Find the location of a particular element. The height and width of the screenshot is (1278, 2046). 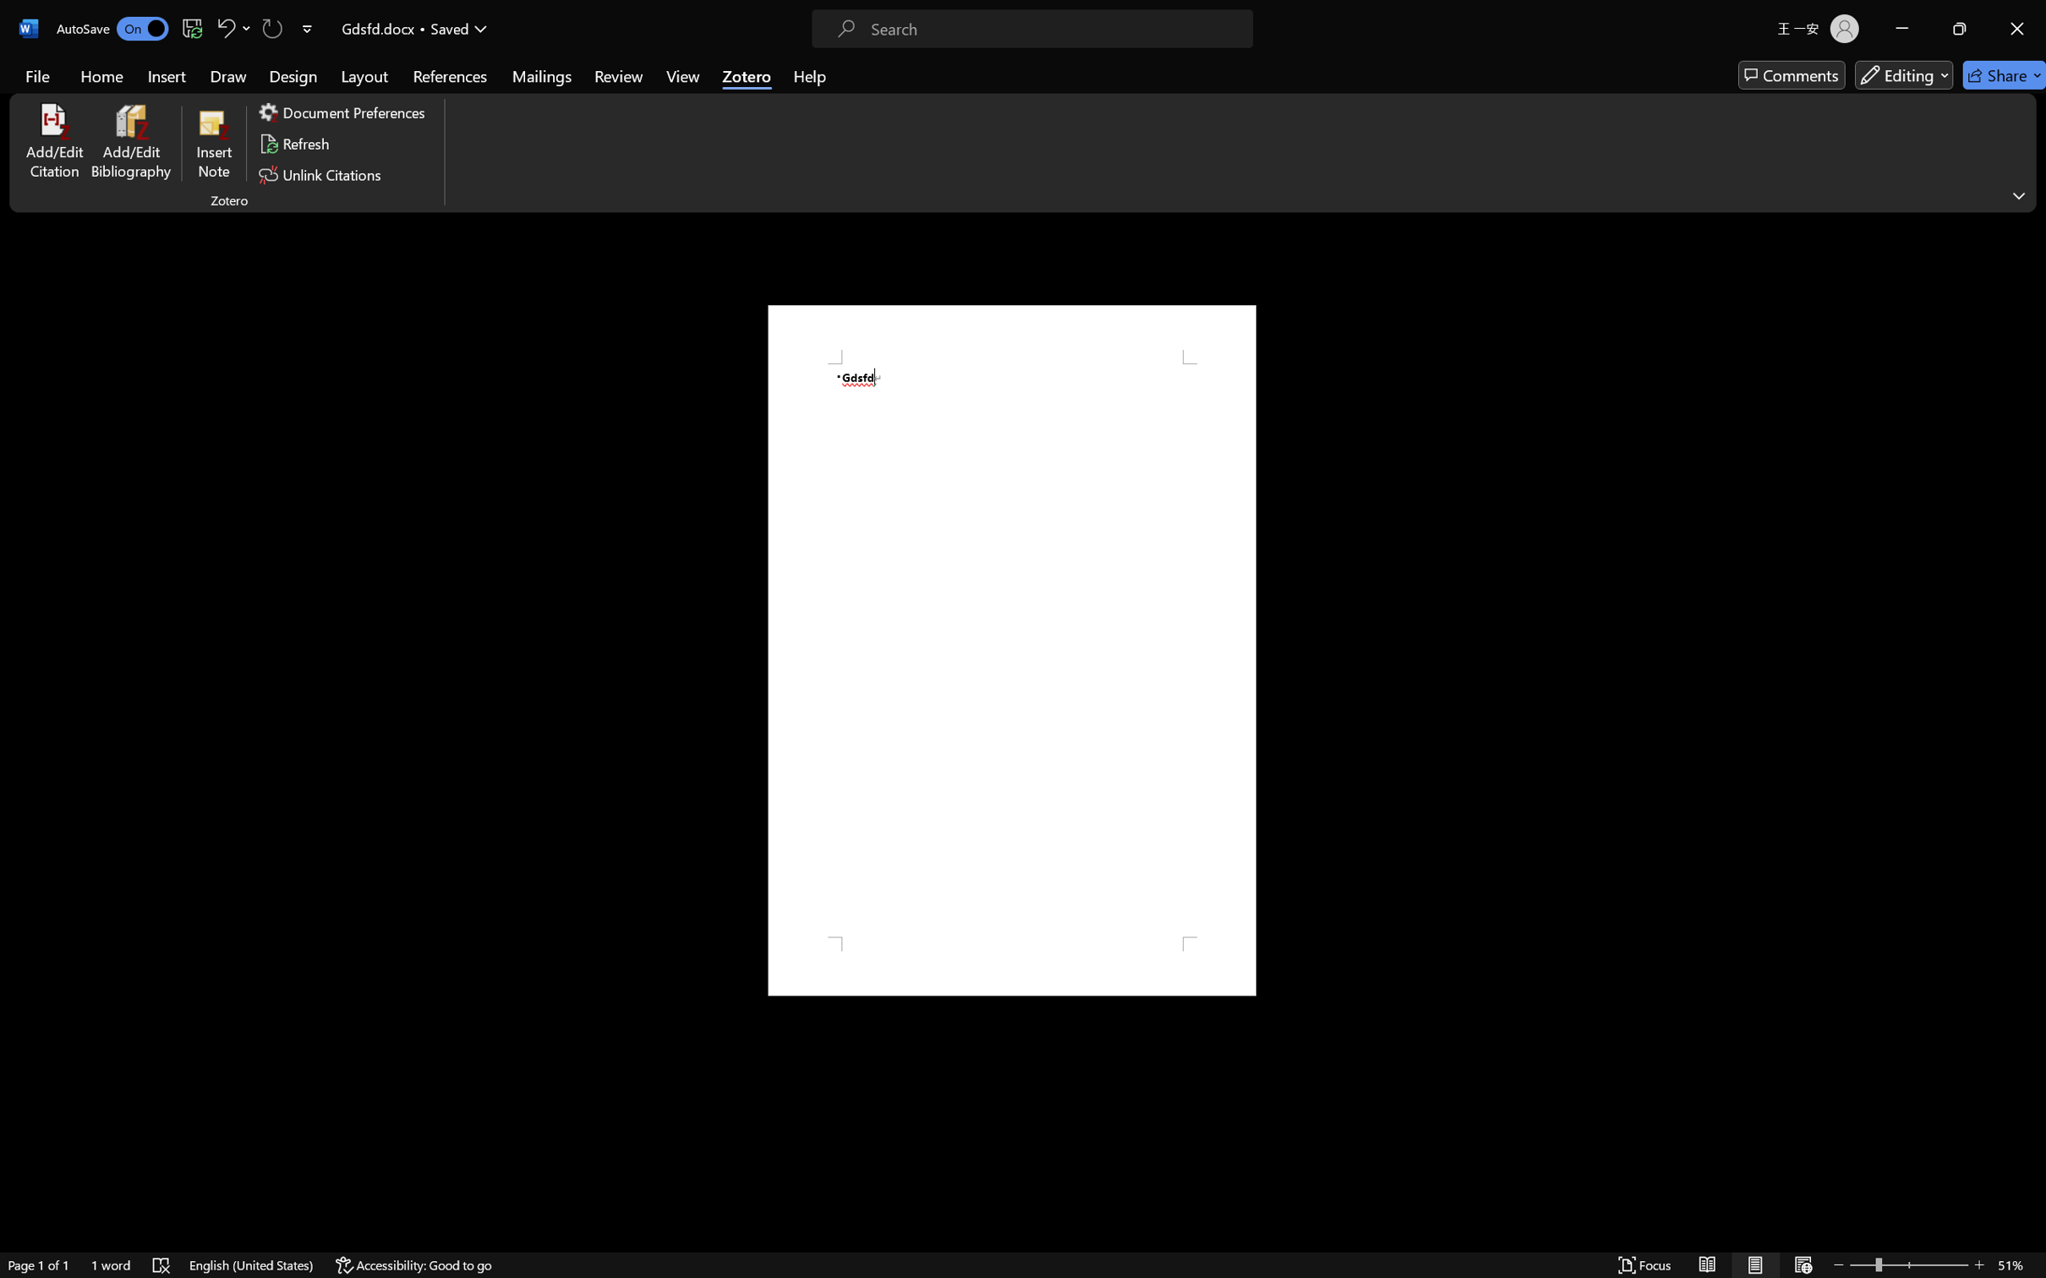

'Page 1 content' is located at coordinates (1011, 650).